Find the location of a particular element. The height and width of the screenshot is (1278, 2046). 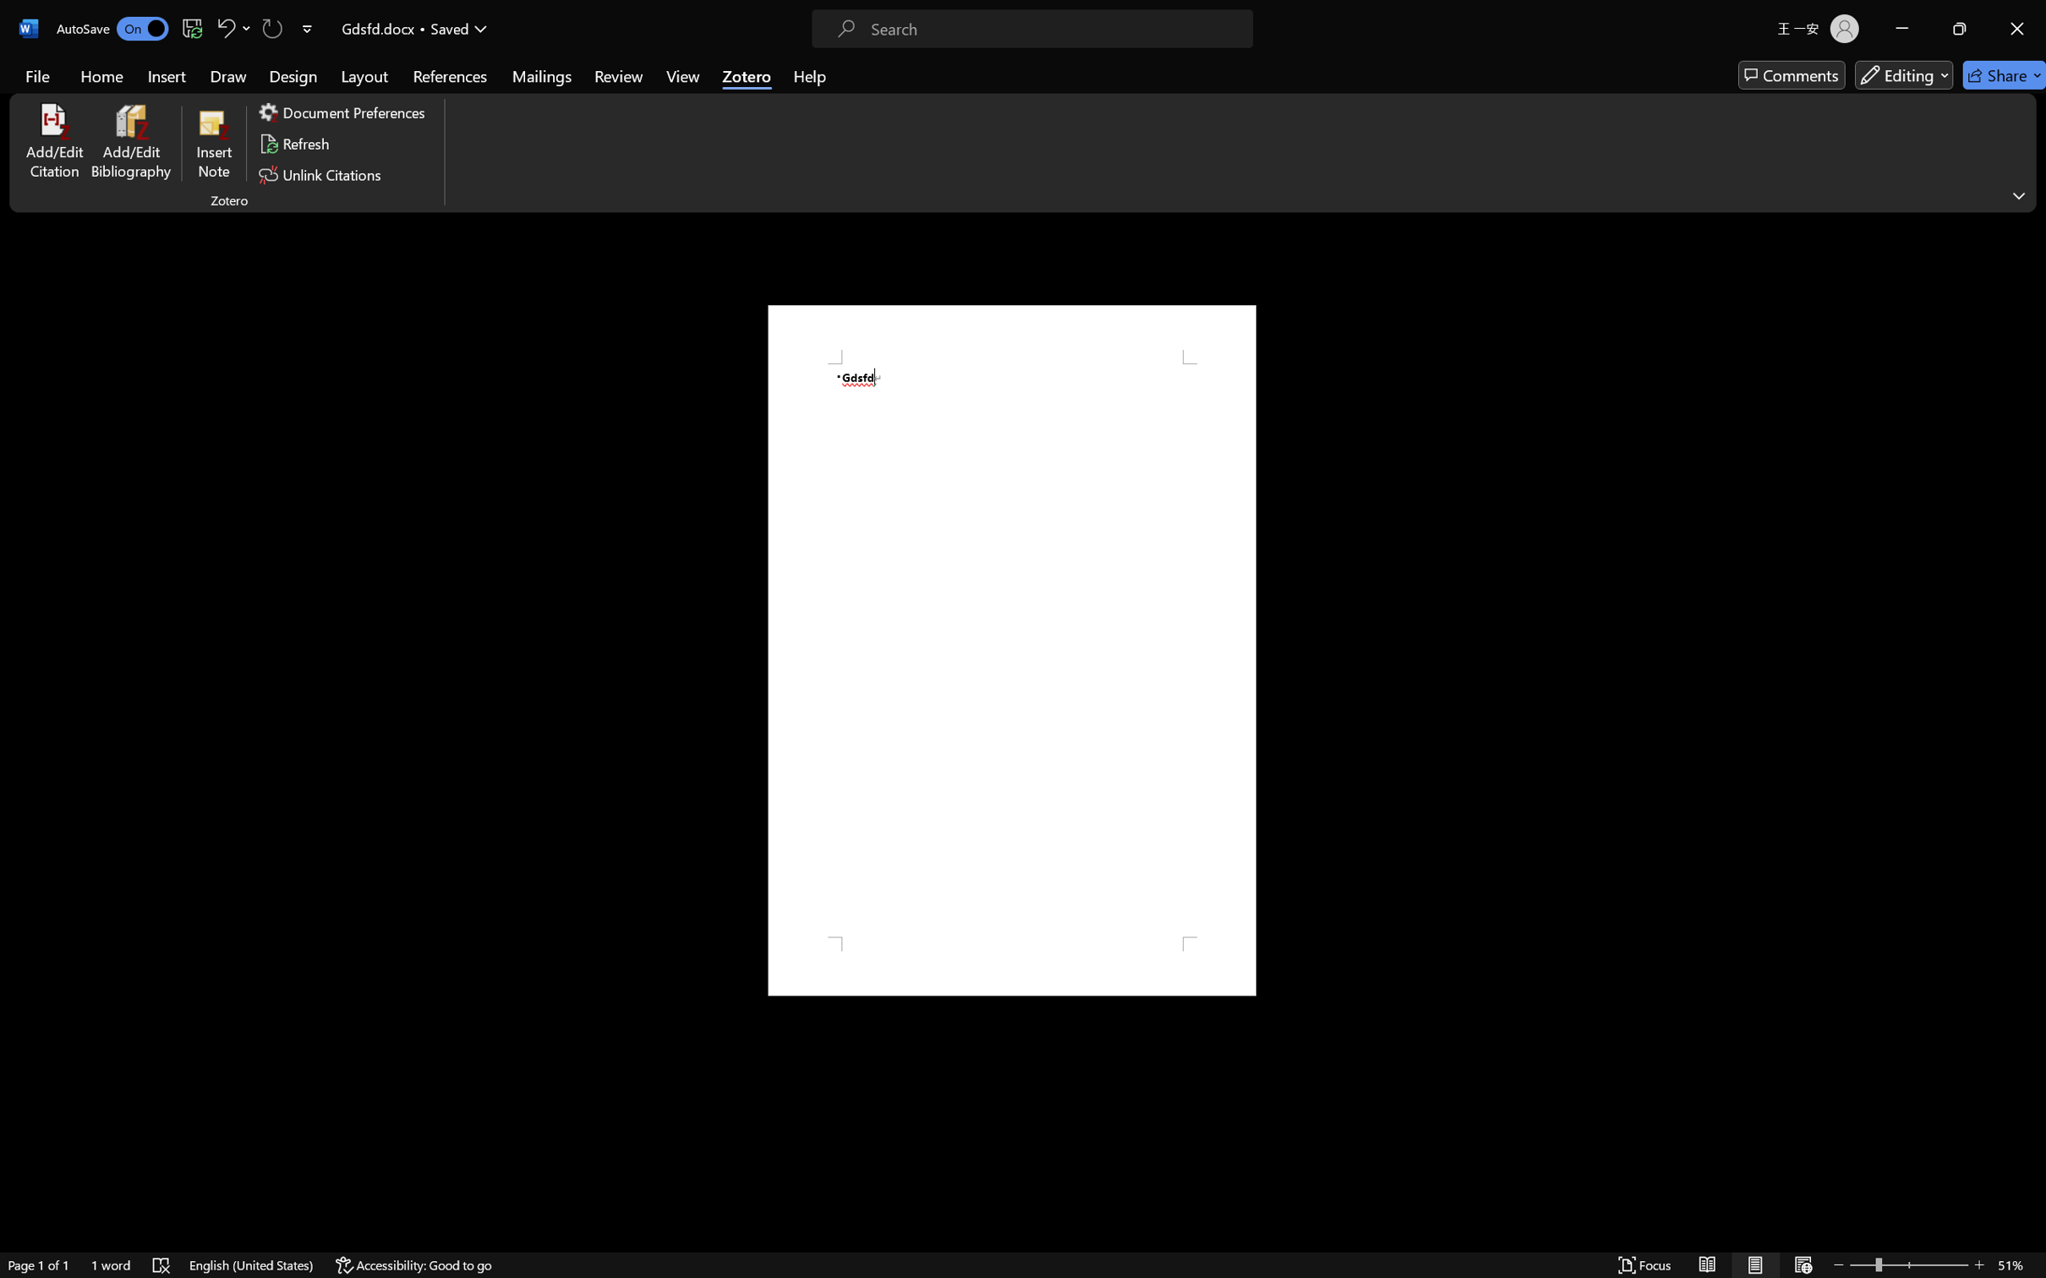

'Page 1 content' is located at coordinates (1011, 650).